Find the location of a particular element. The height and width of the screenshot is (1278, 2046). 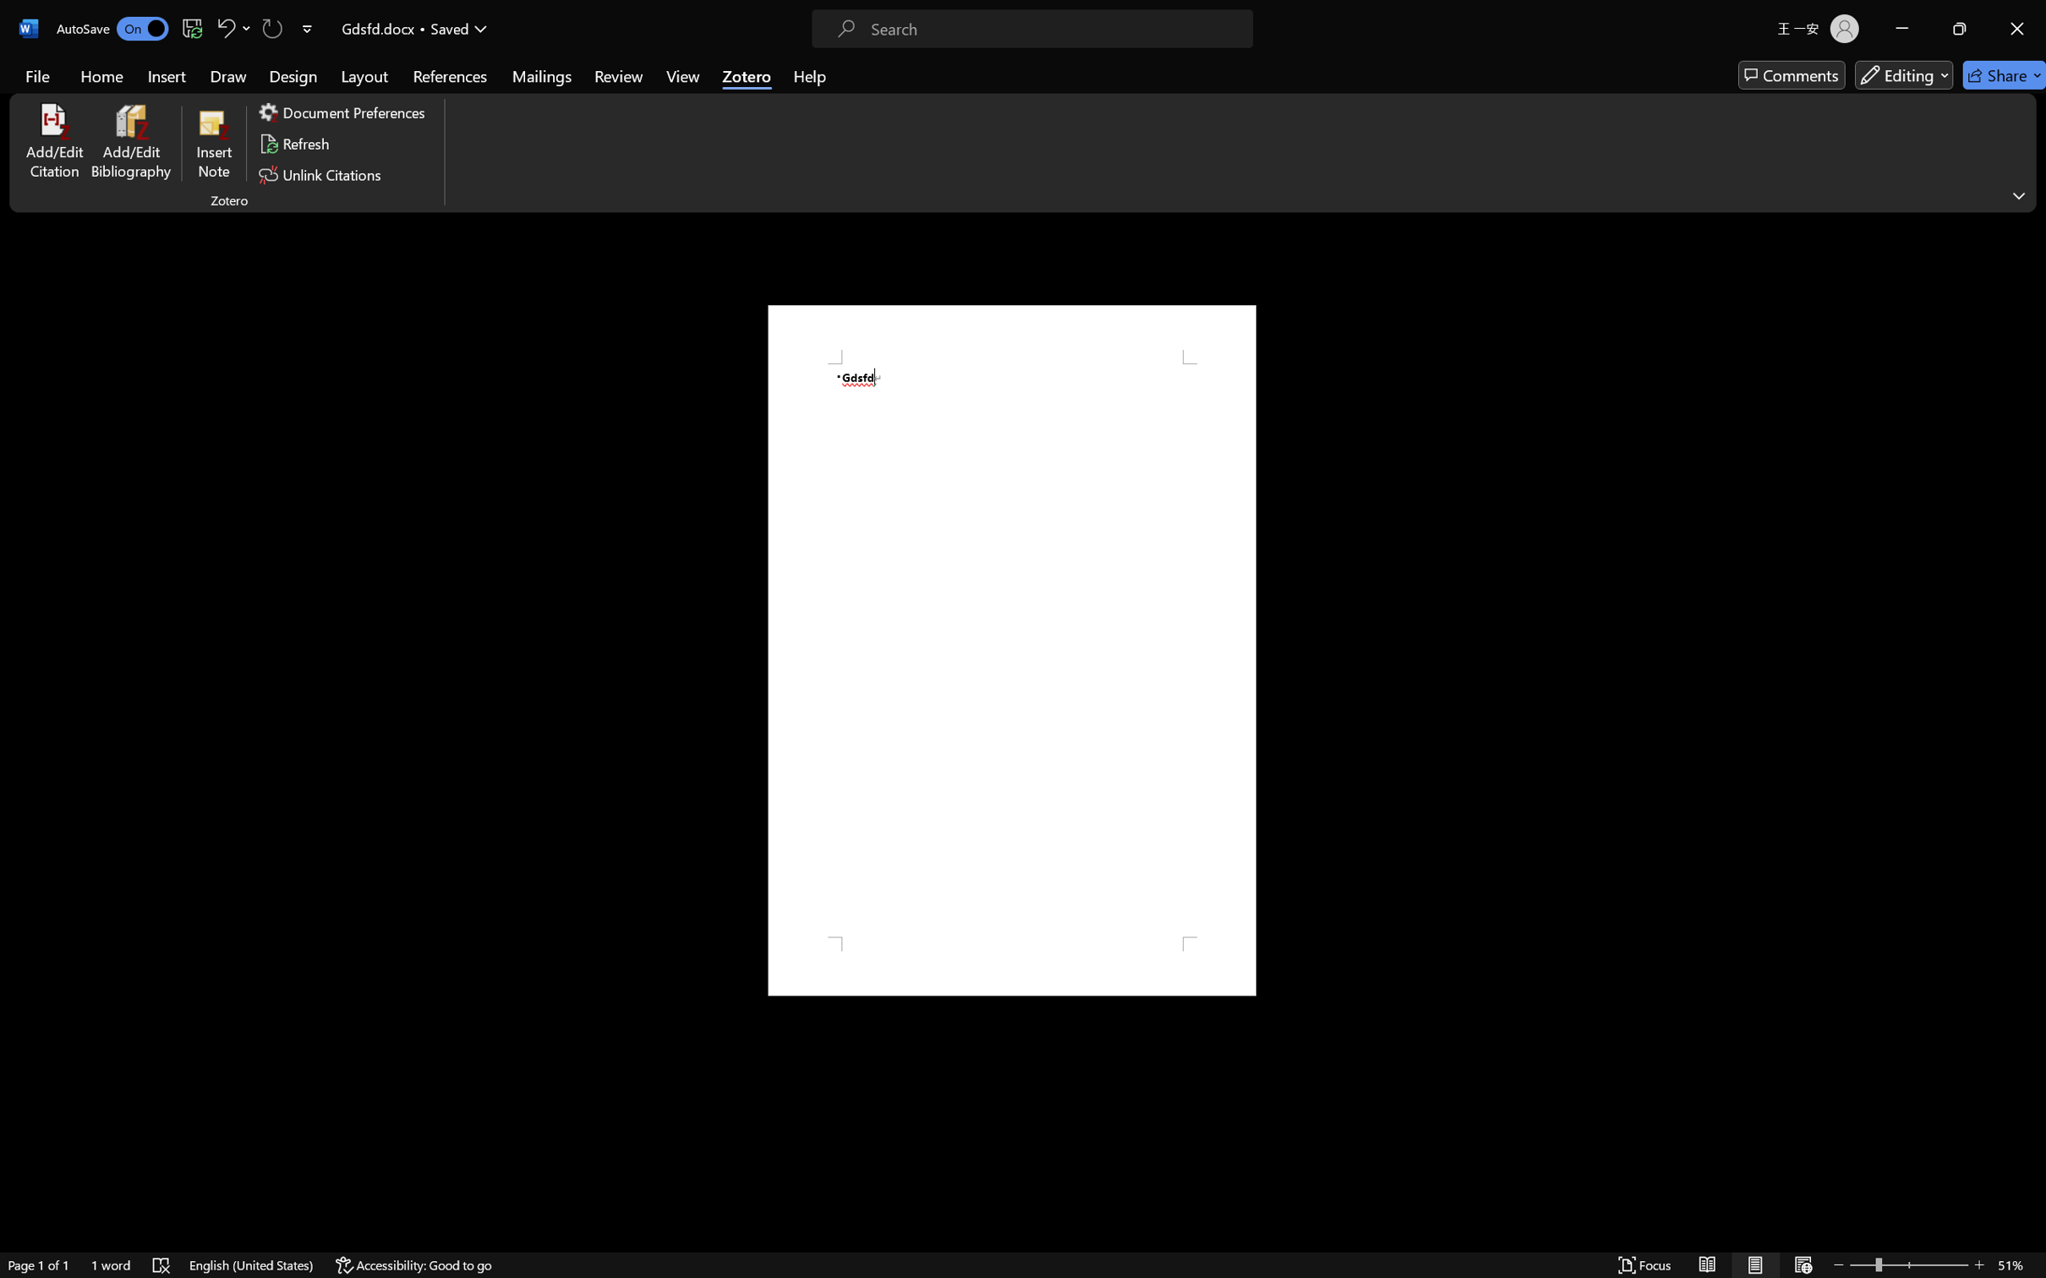

'Page 1 content' is located at coordinates (1011, 650).